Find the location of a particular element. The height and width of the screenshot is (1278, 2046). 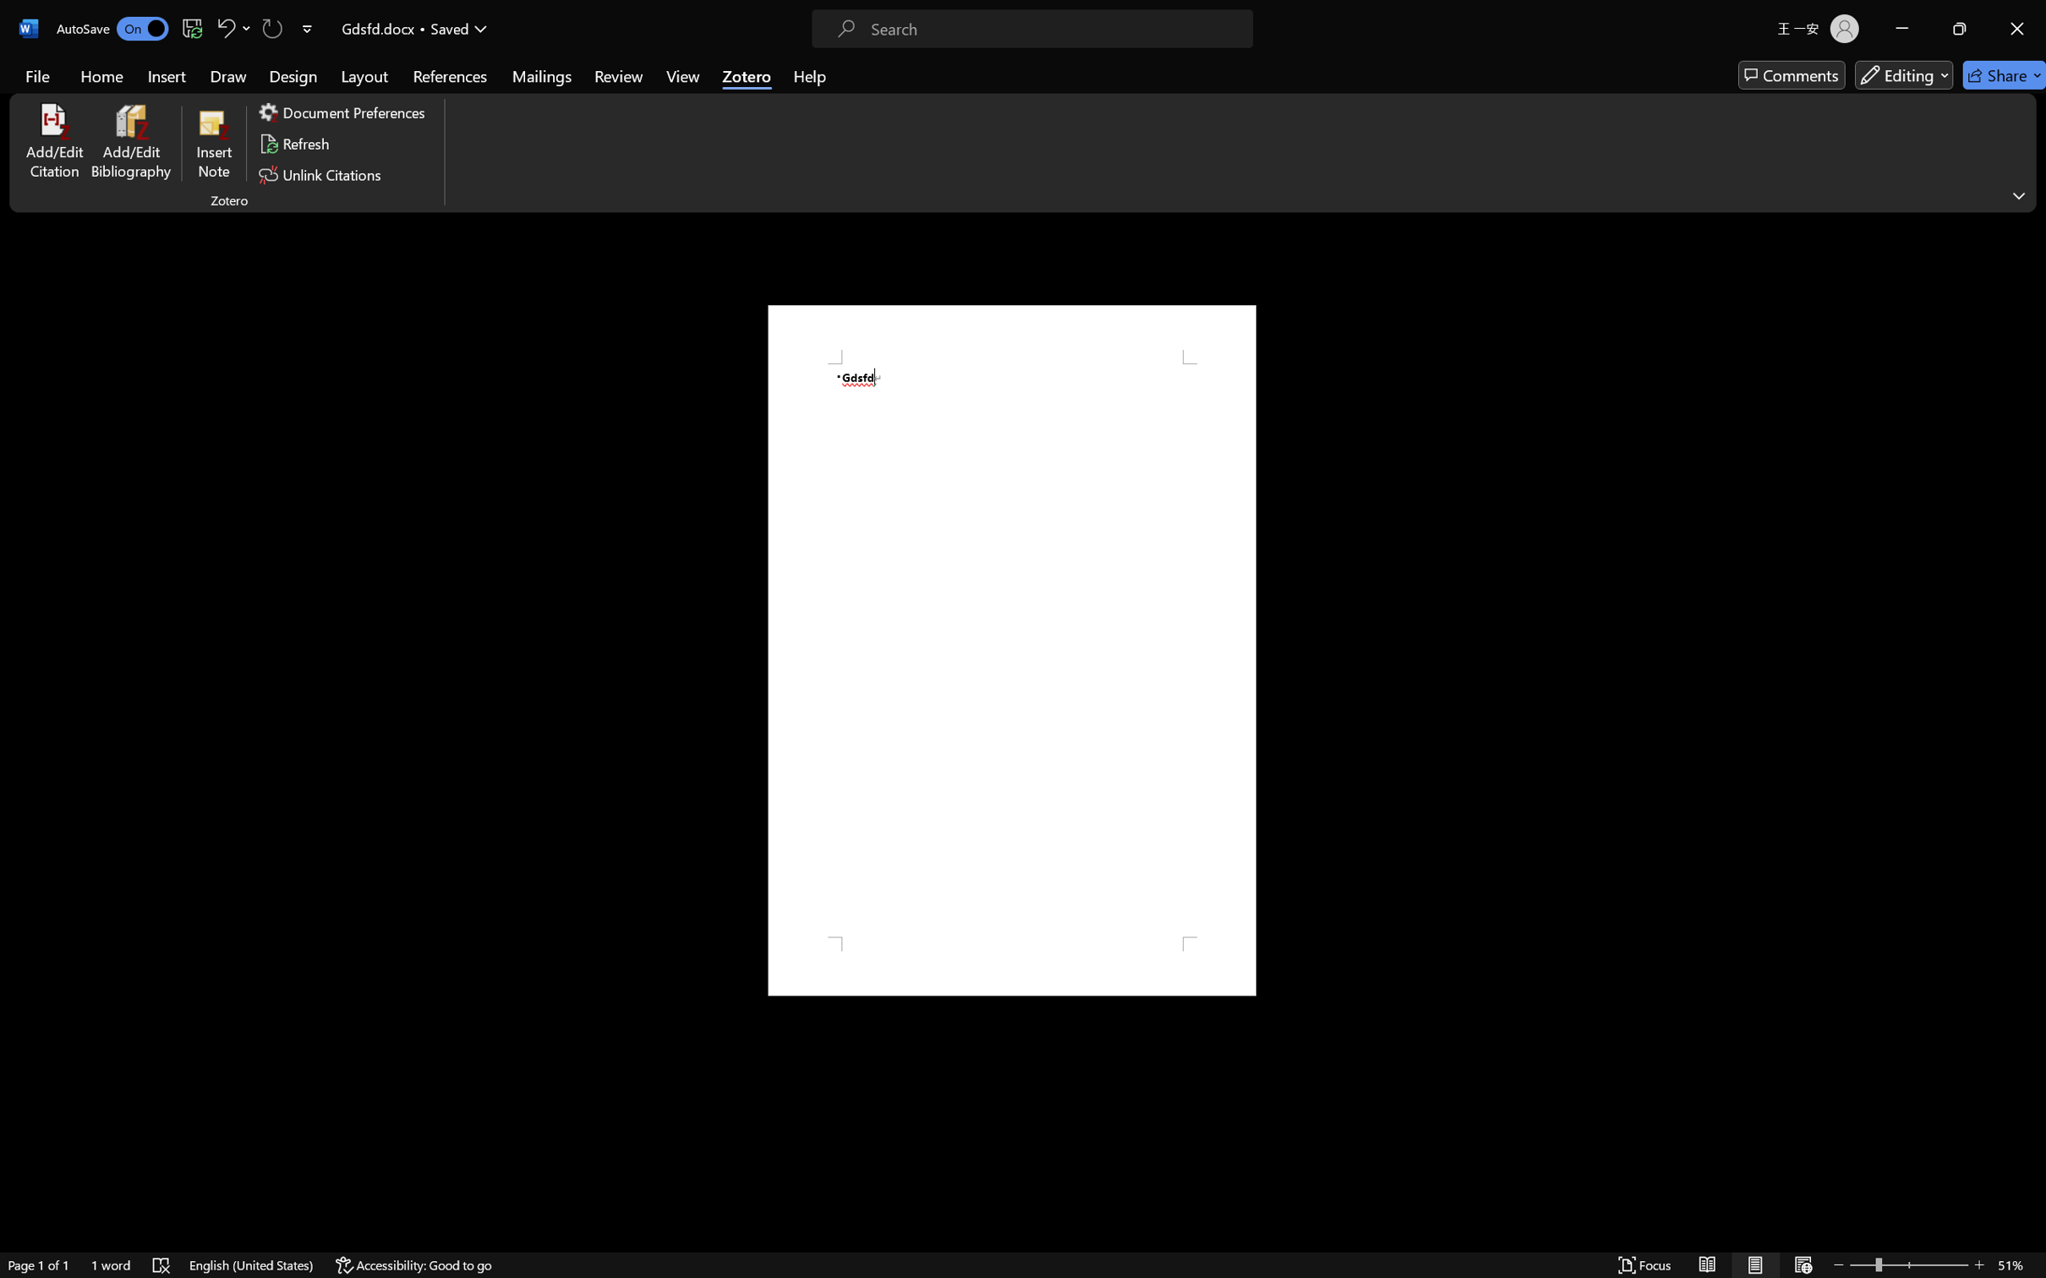

'Page 1 content' is located at coordinates (1011, 650).